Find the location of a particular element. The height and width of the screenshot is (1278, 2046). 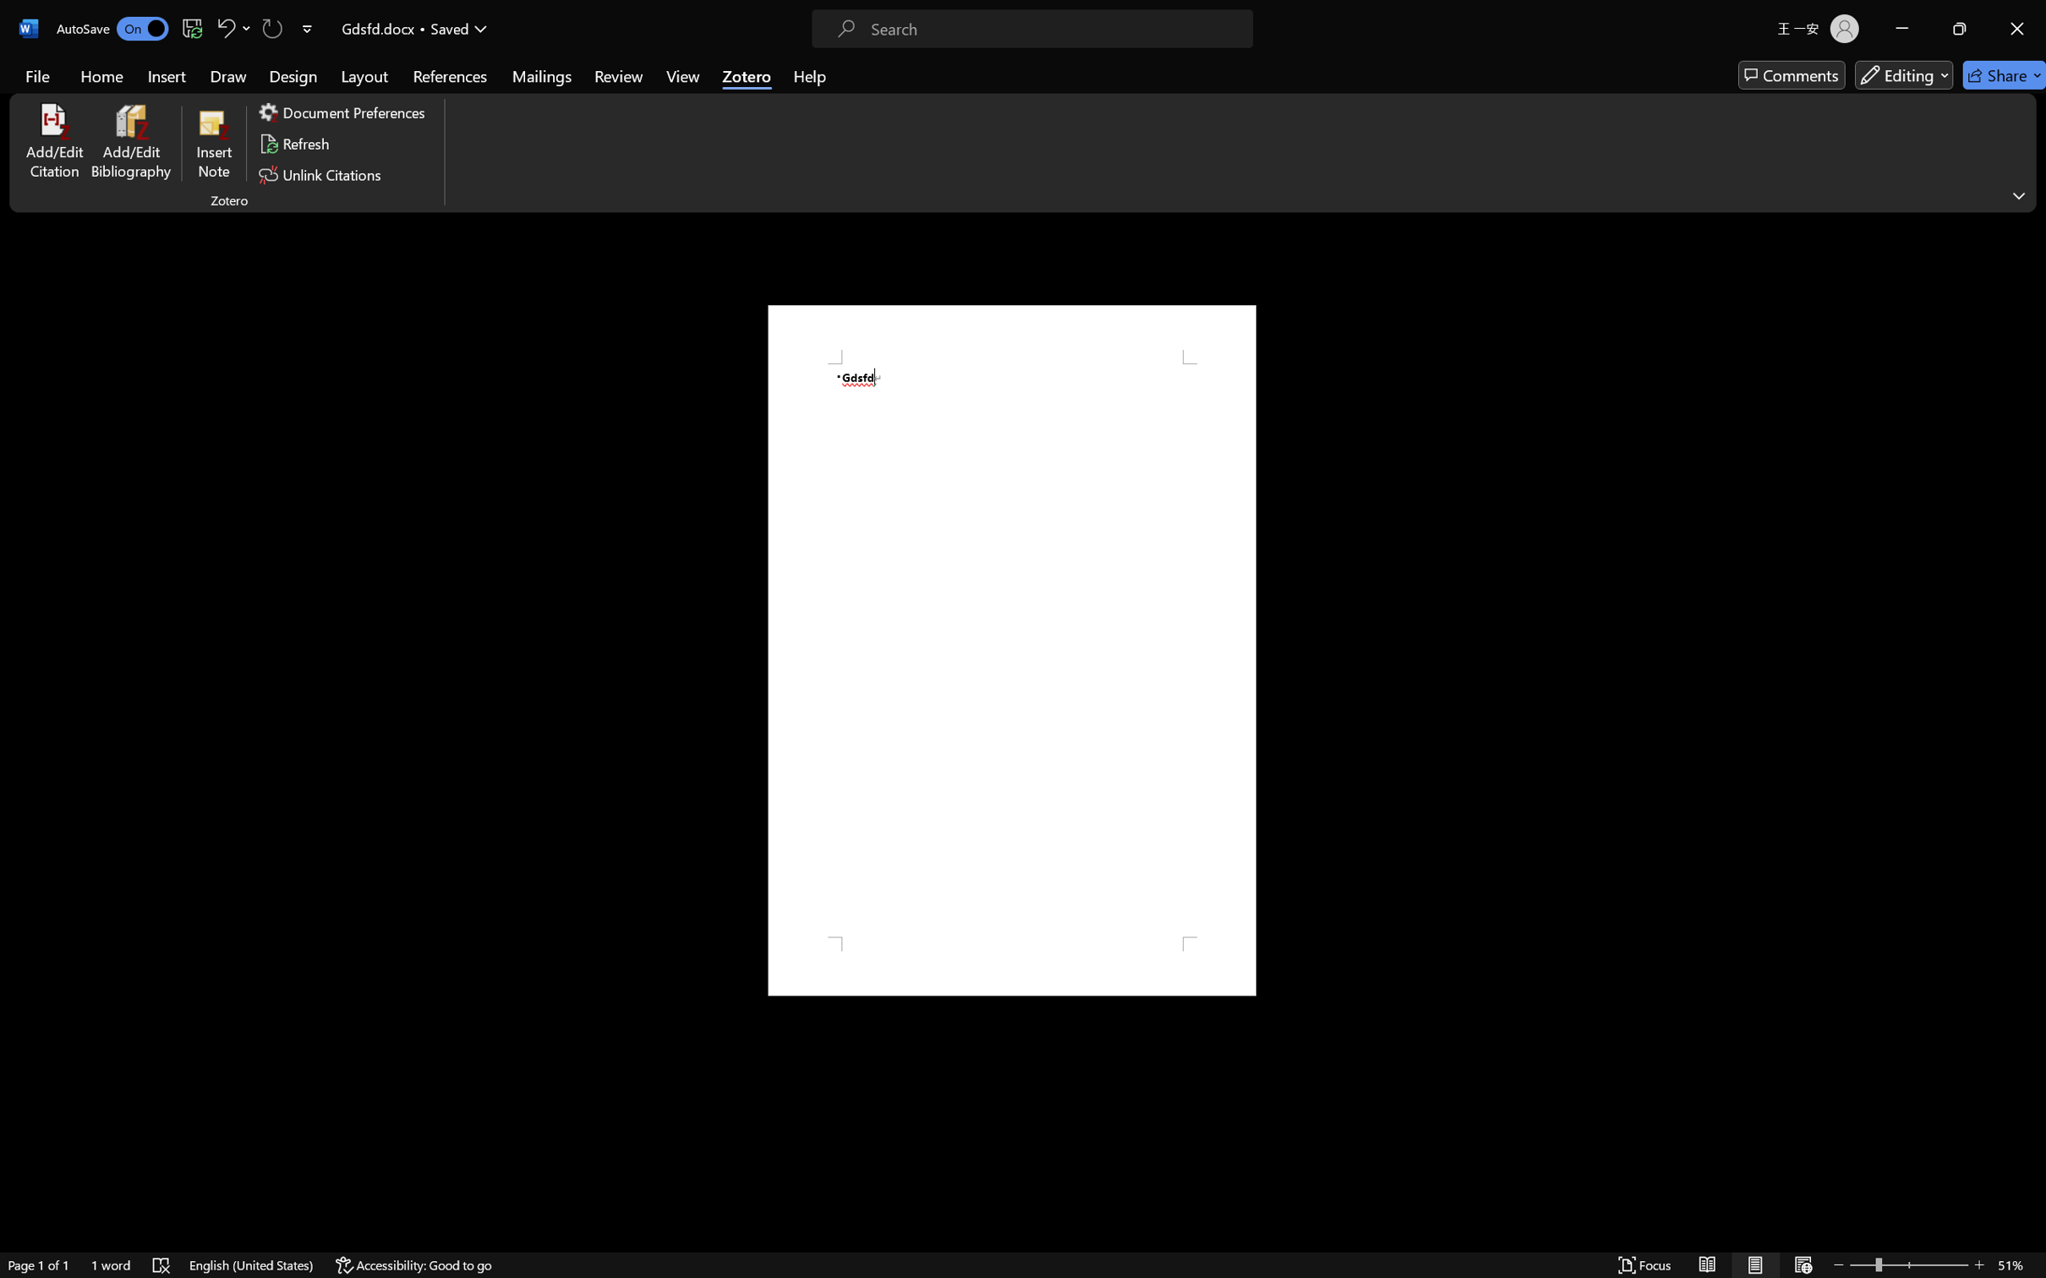

'Page 1 content' is located at coordinates (1011, 650).